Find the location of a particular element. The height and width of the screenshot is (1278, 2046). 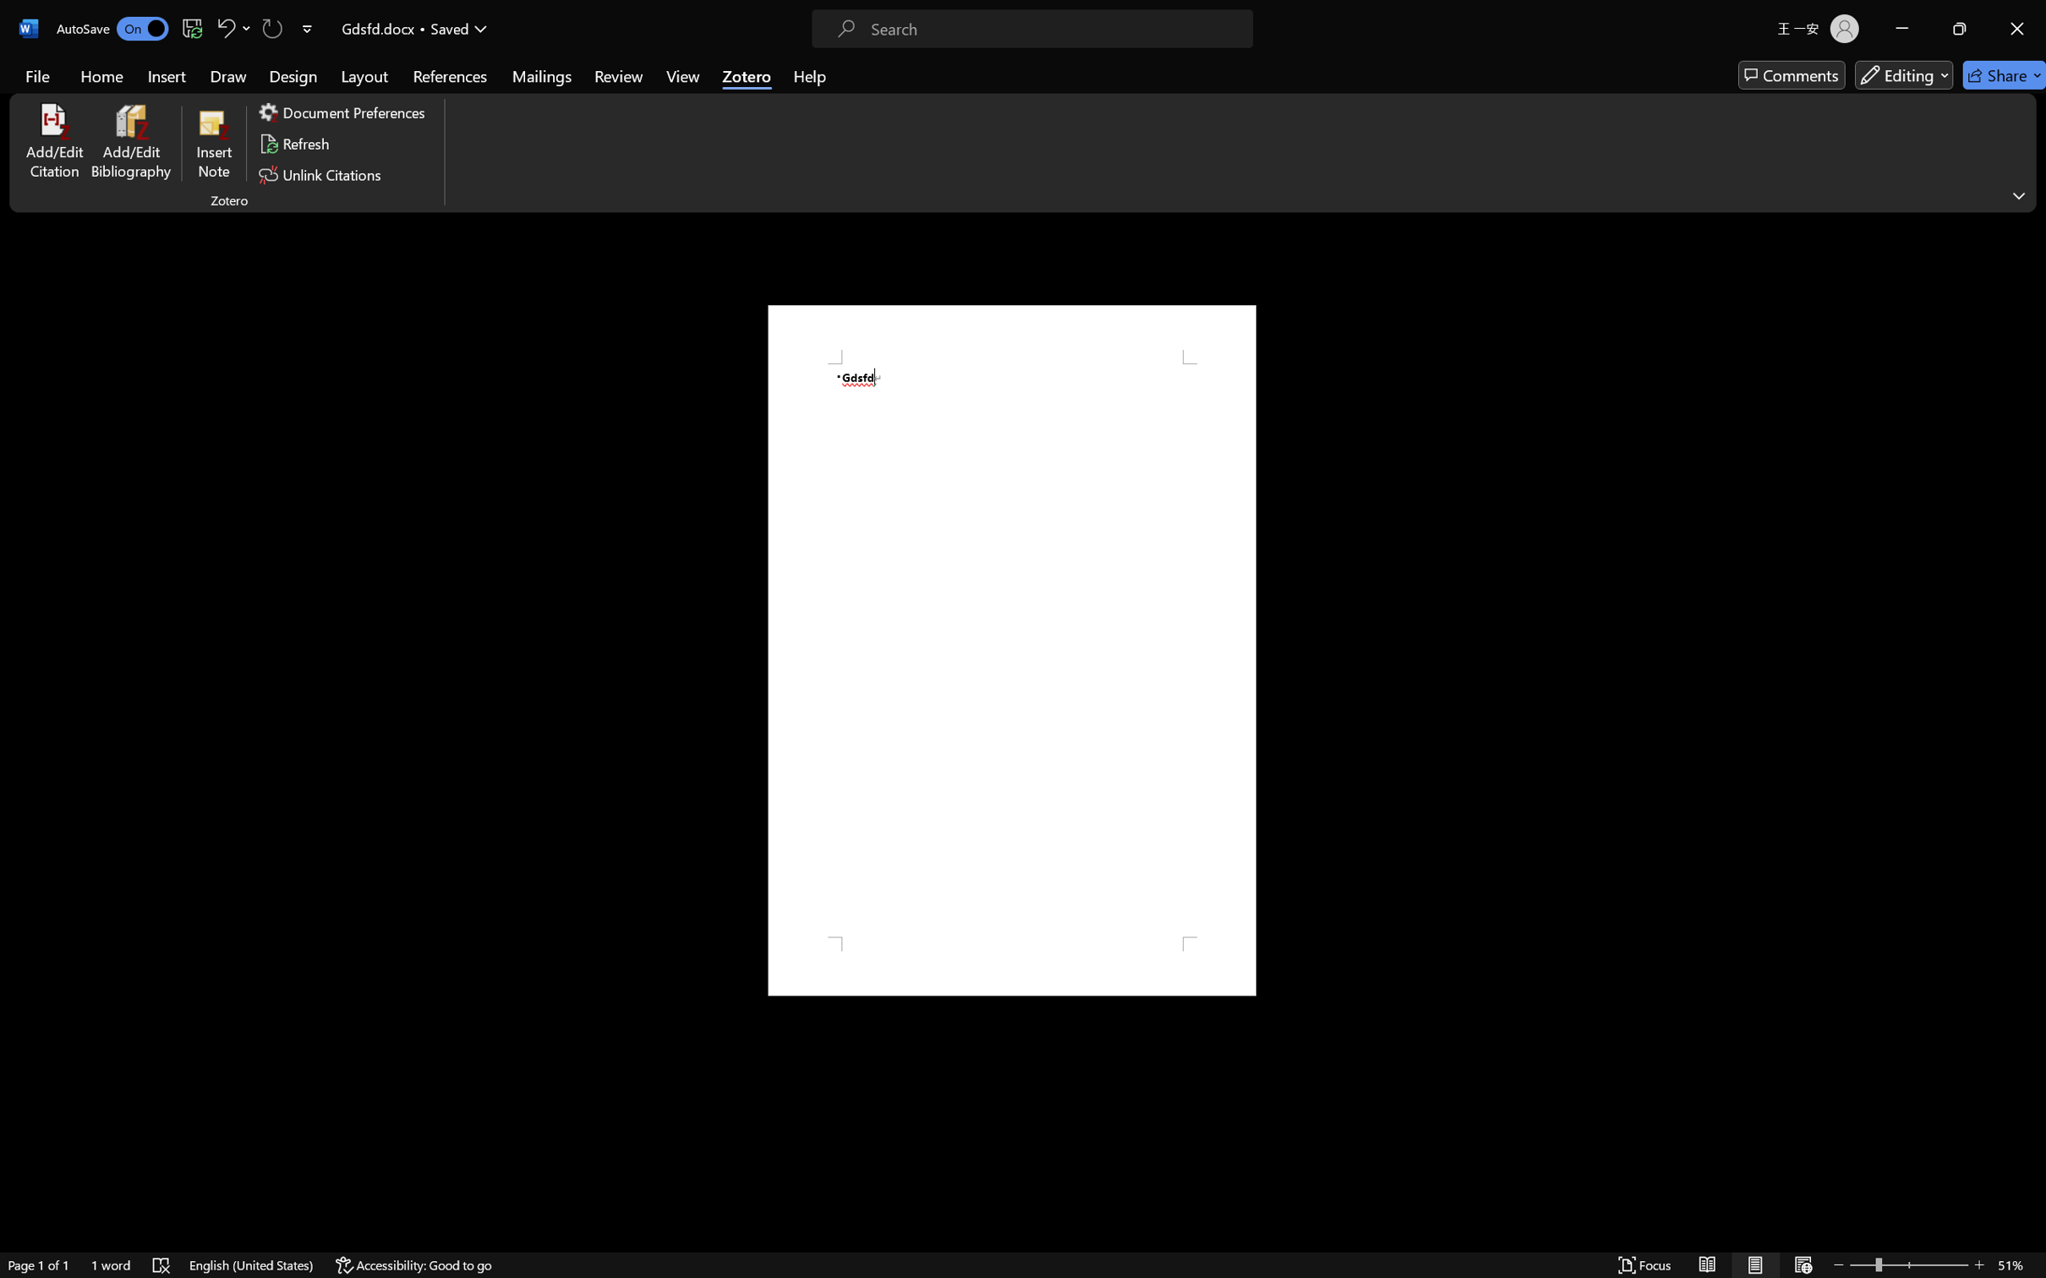

'Page 1 content' is located at coordinates (1011, 650).